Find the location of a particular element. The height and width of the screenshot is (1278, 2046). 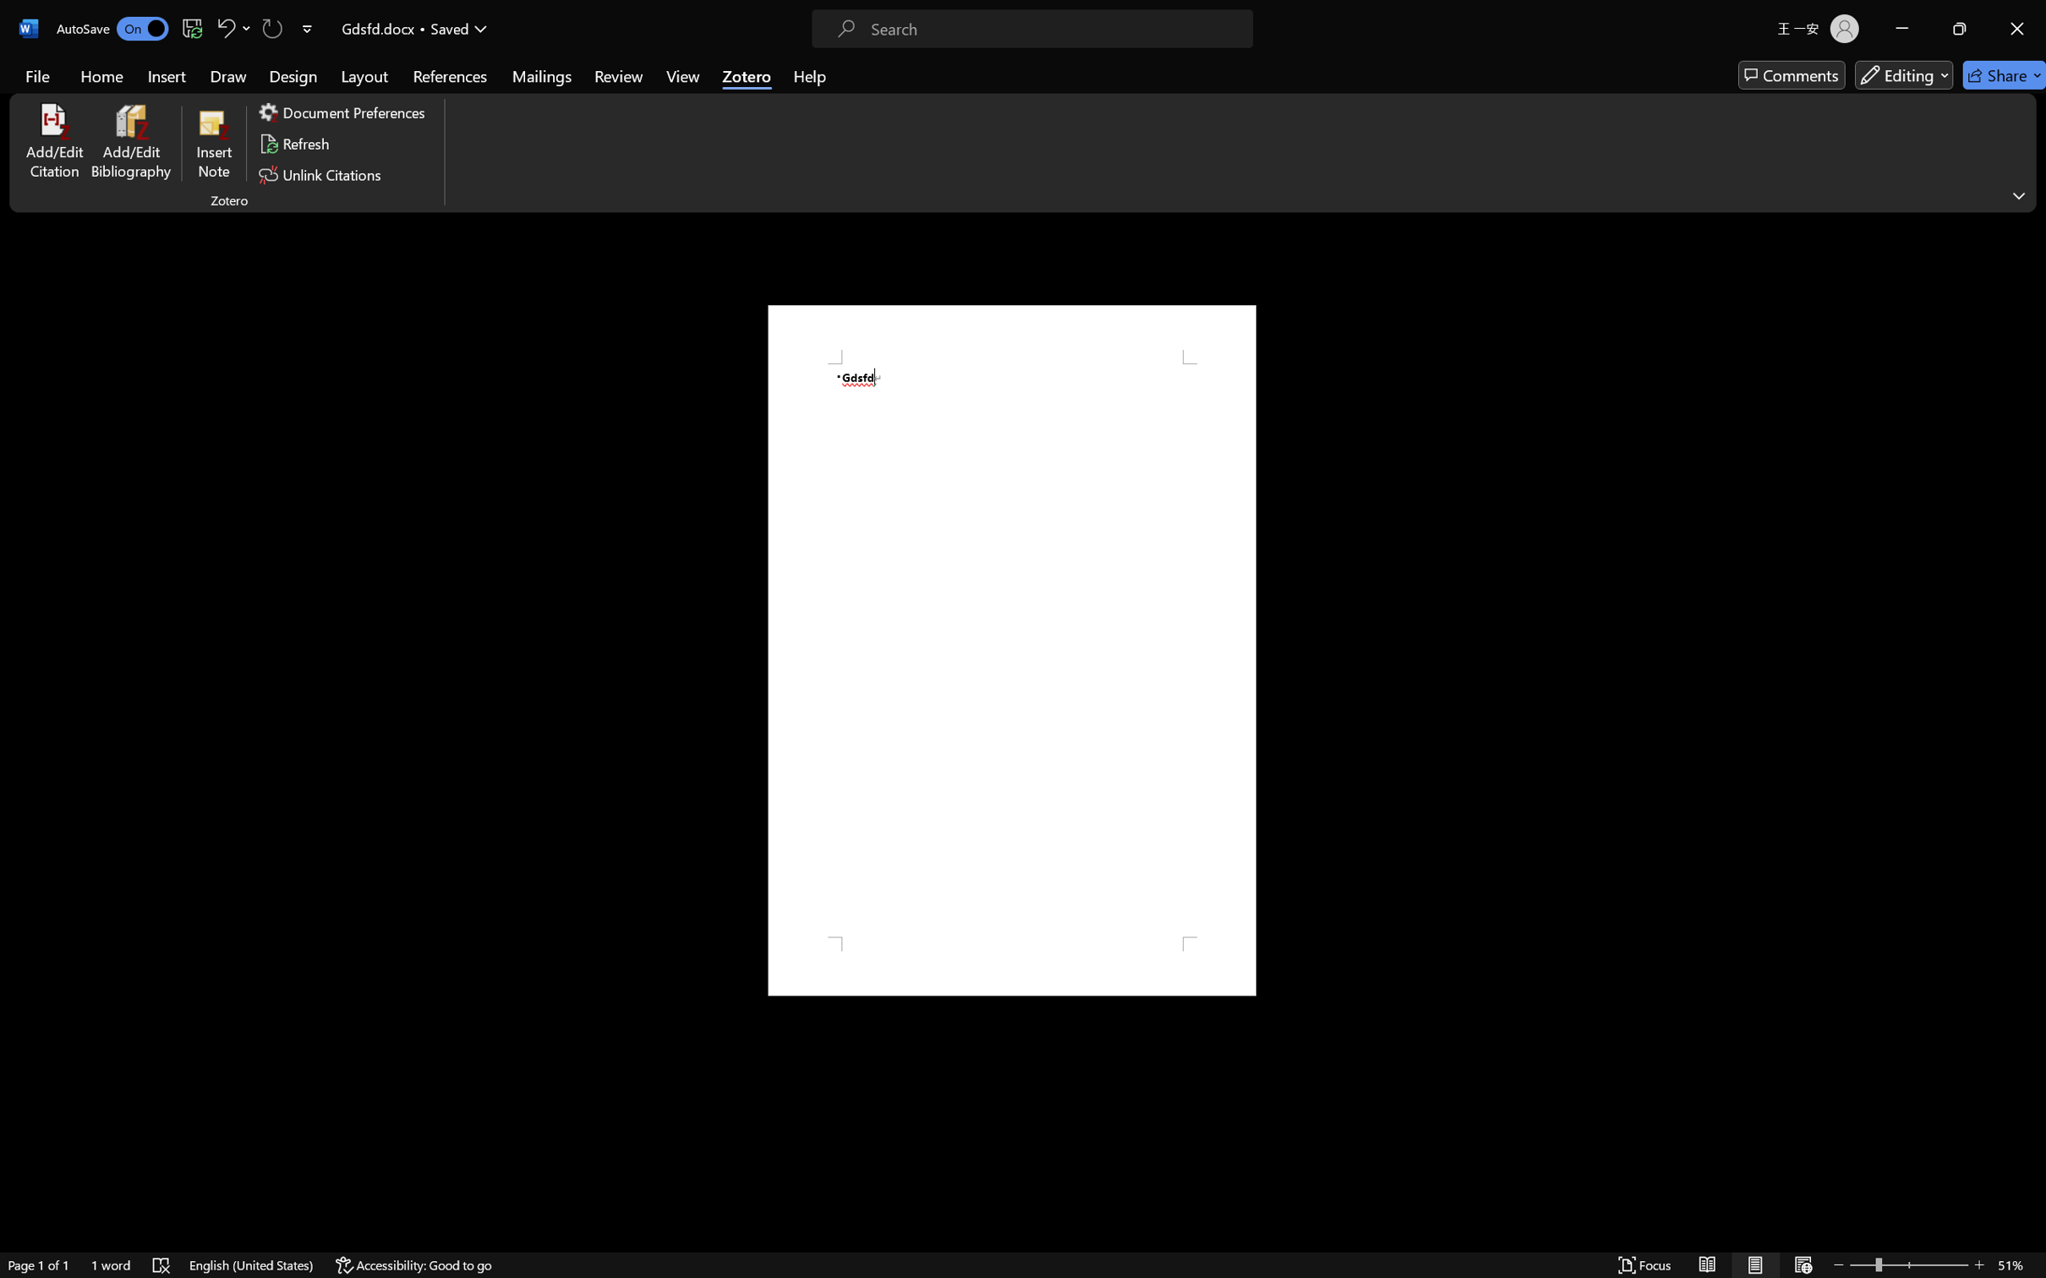

'Page 1 content' is located at coordinates (1011, 650).